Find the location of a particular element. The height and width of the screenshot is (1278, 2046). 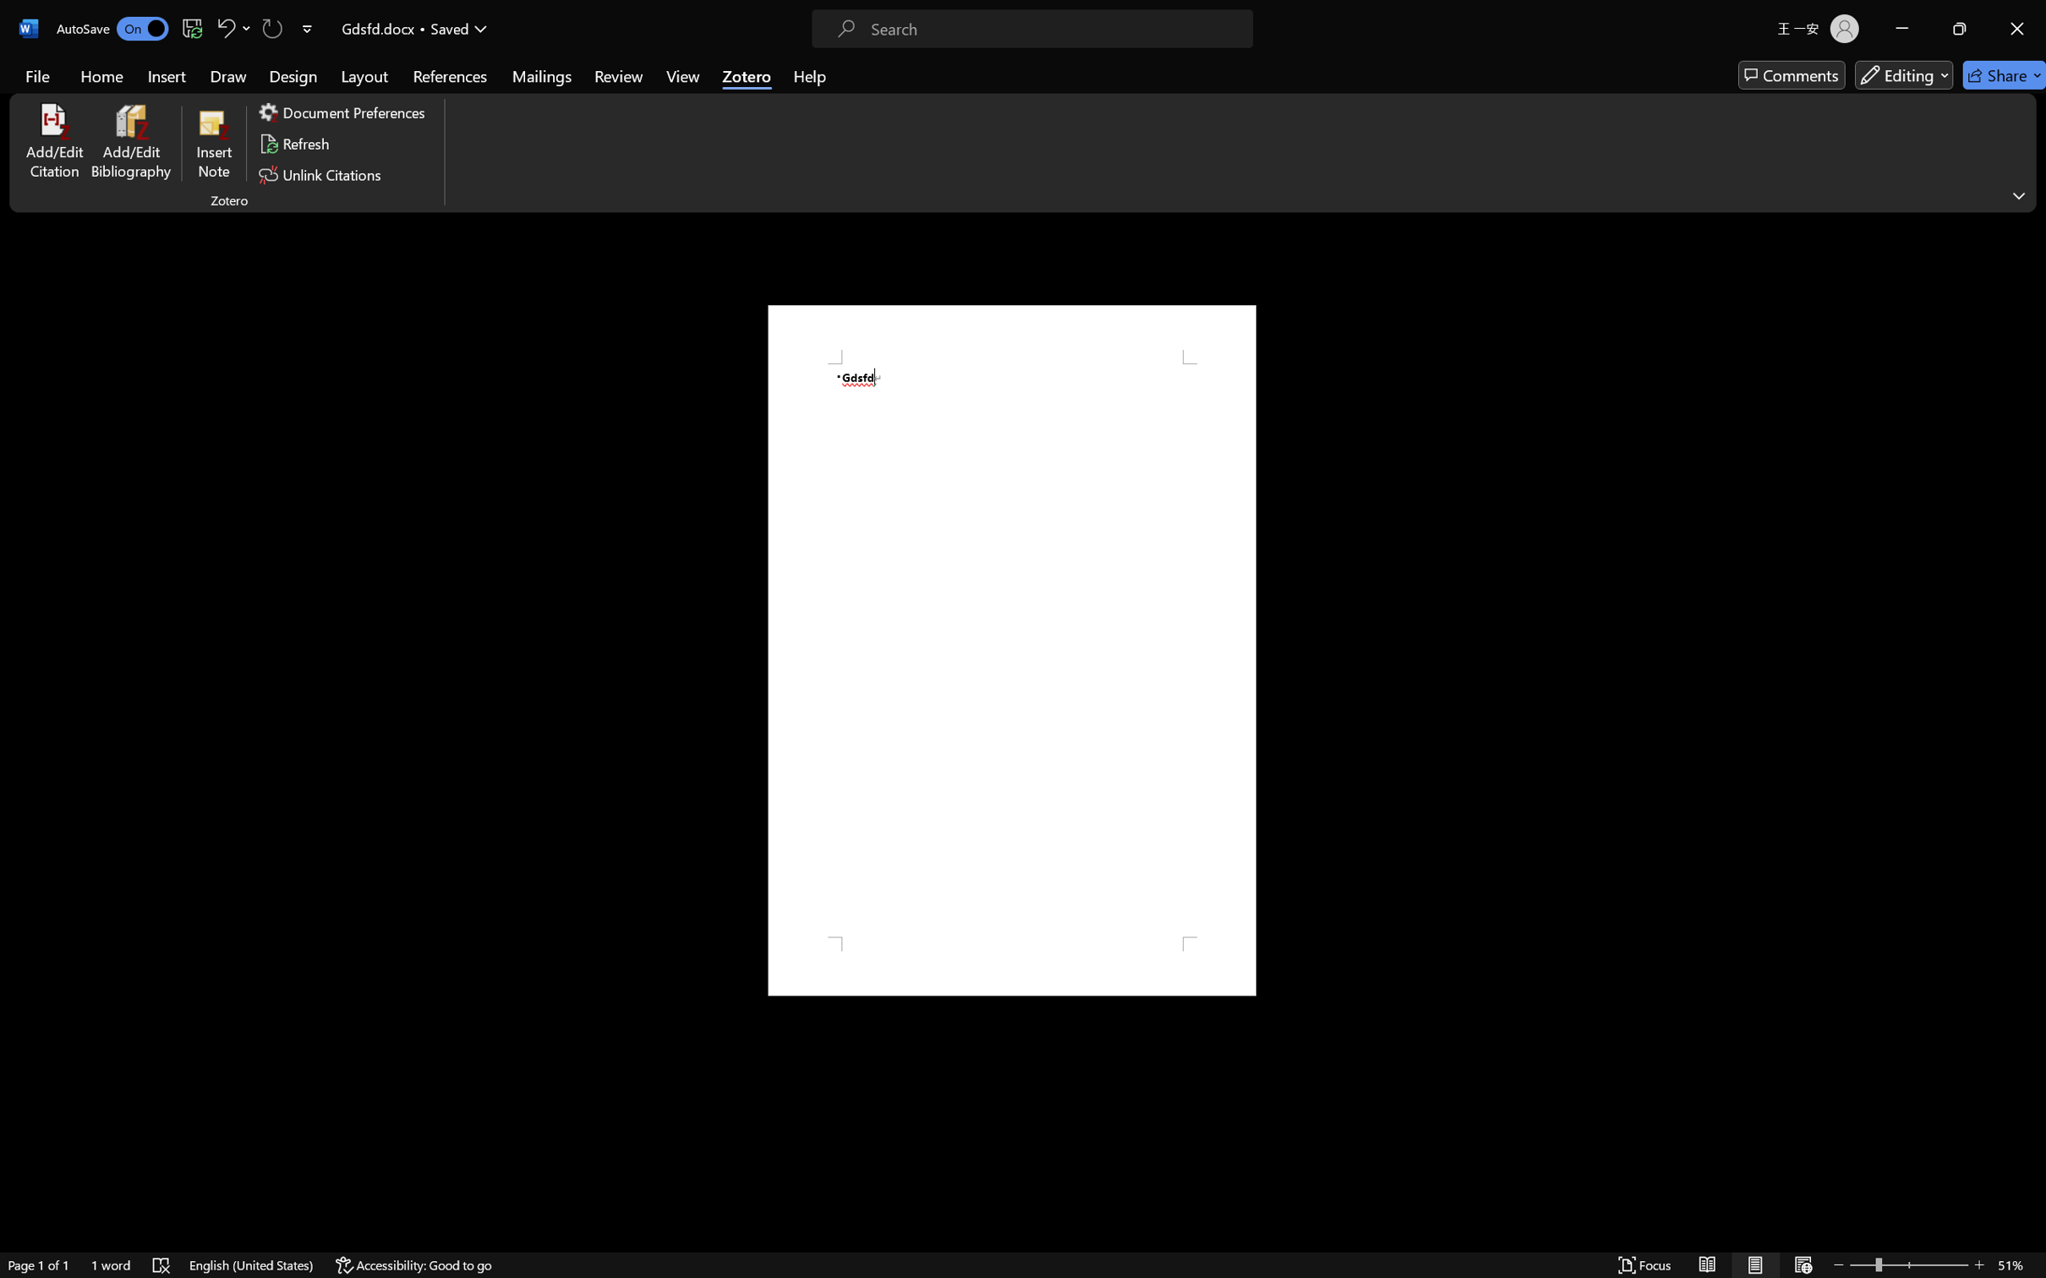

'Page 1 content' is located at coordinates (1011, 650).